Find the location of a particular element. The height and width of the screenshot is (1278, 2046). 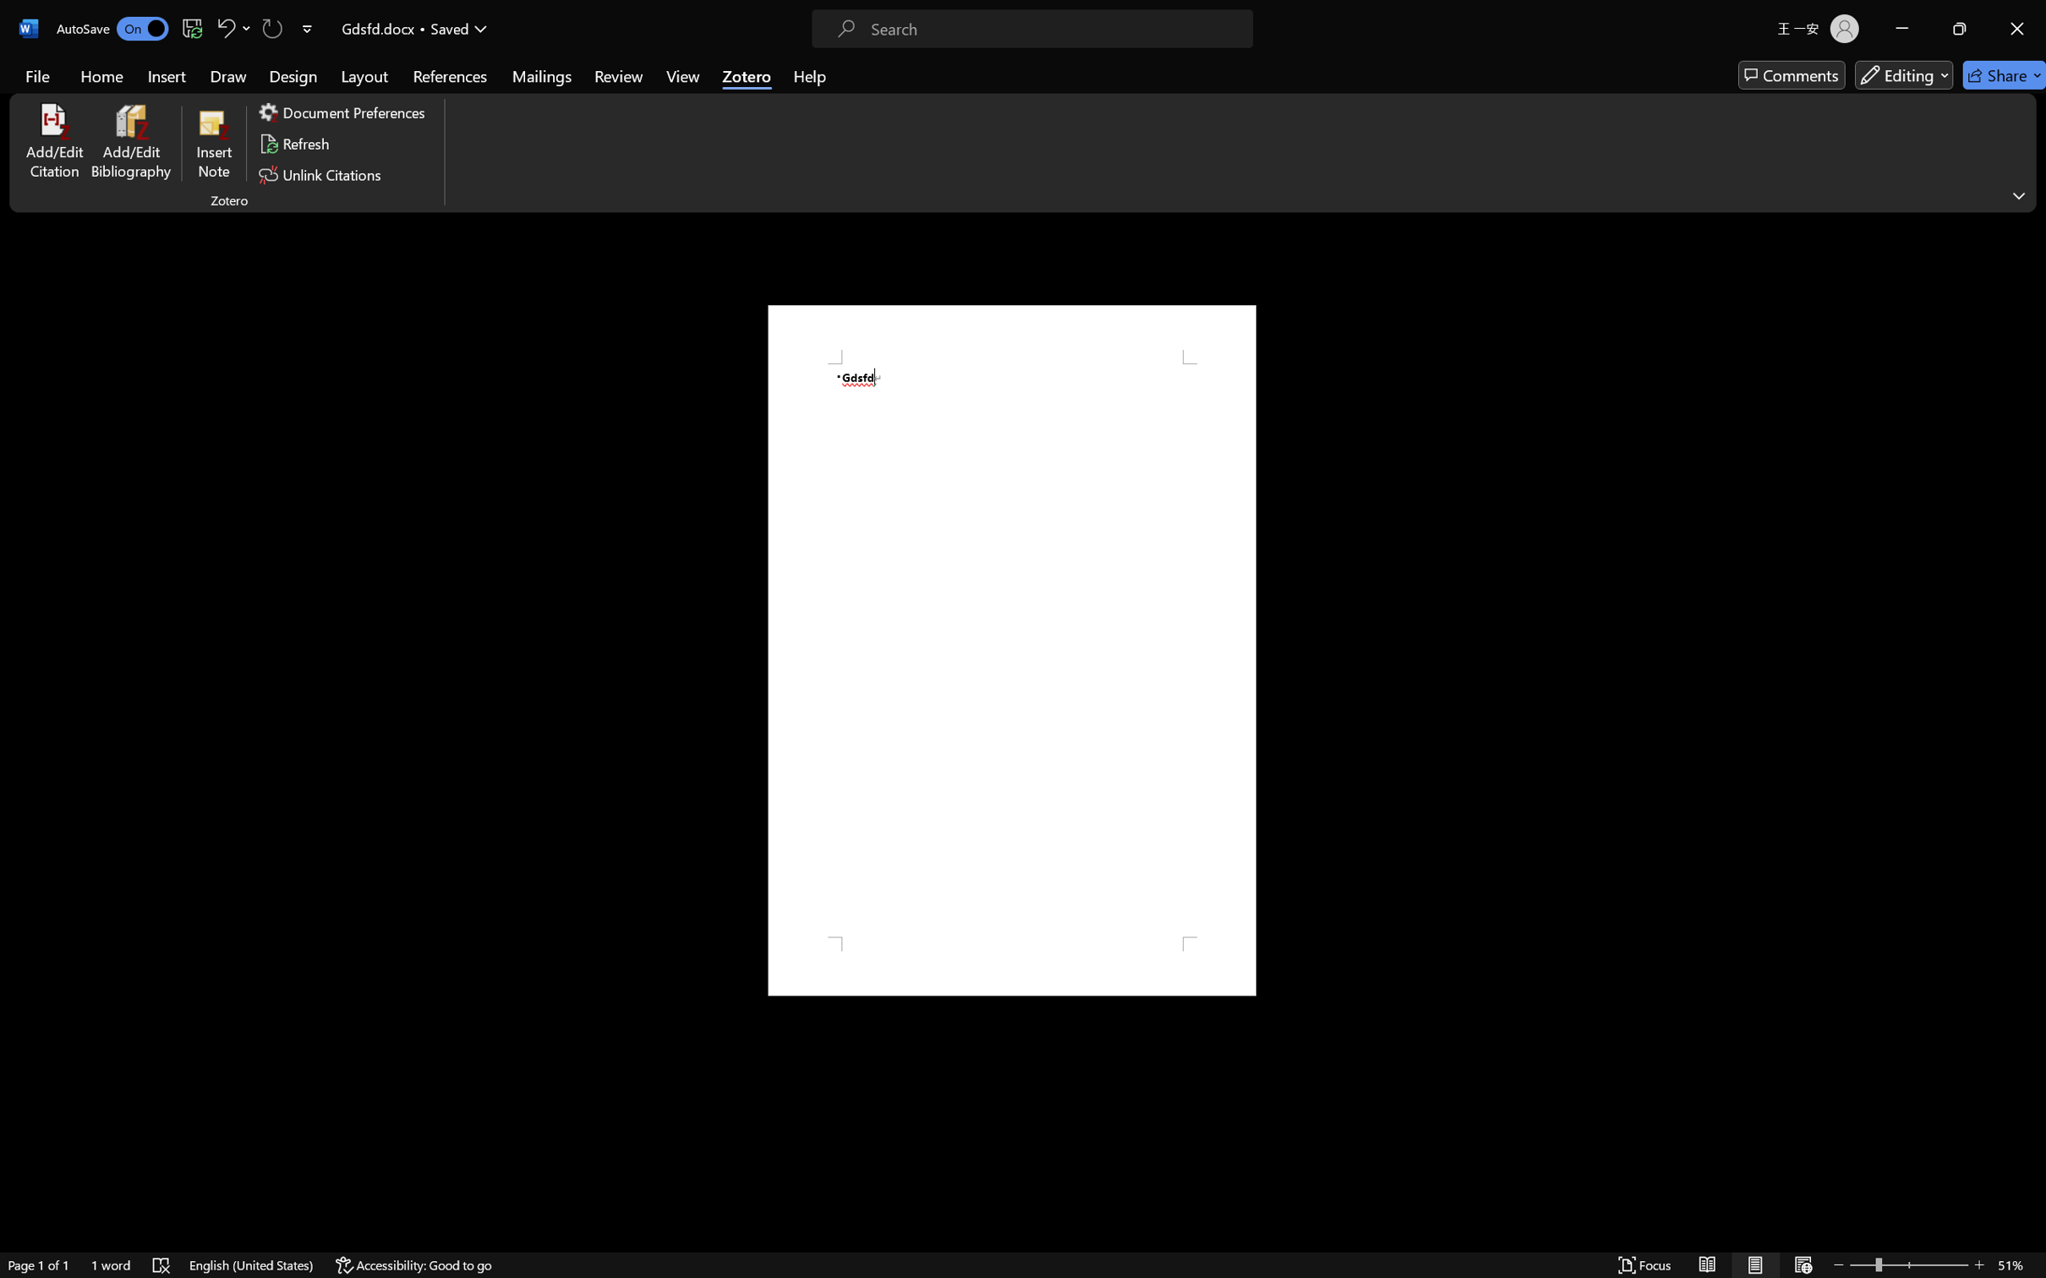

'Page 1 content' is located at coordinates (1011, 650).